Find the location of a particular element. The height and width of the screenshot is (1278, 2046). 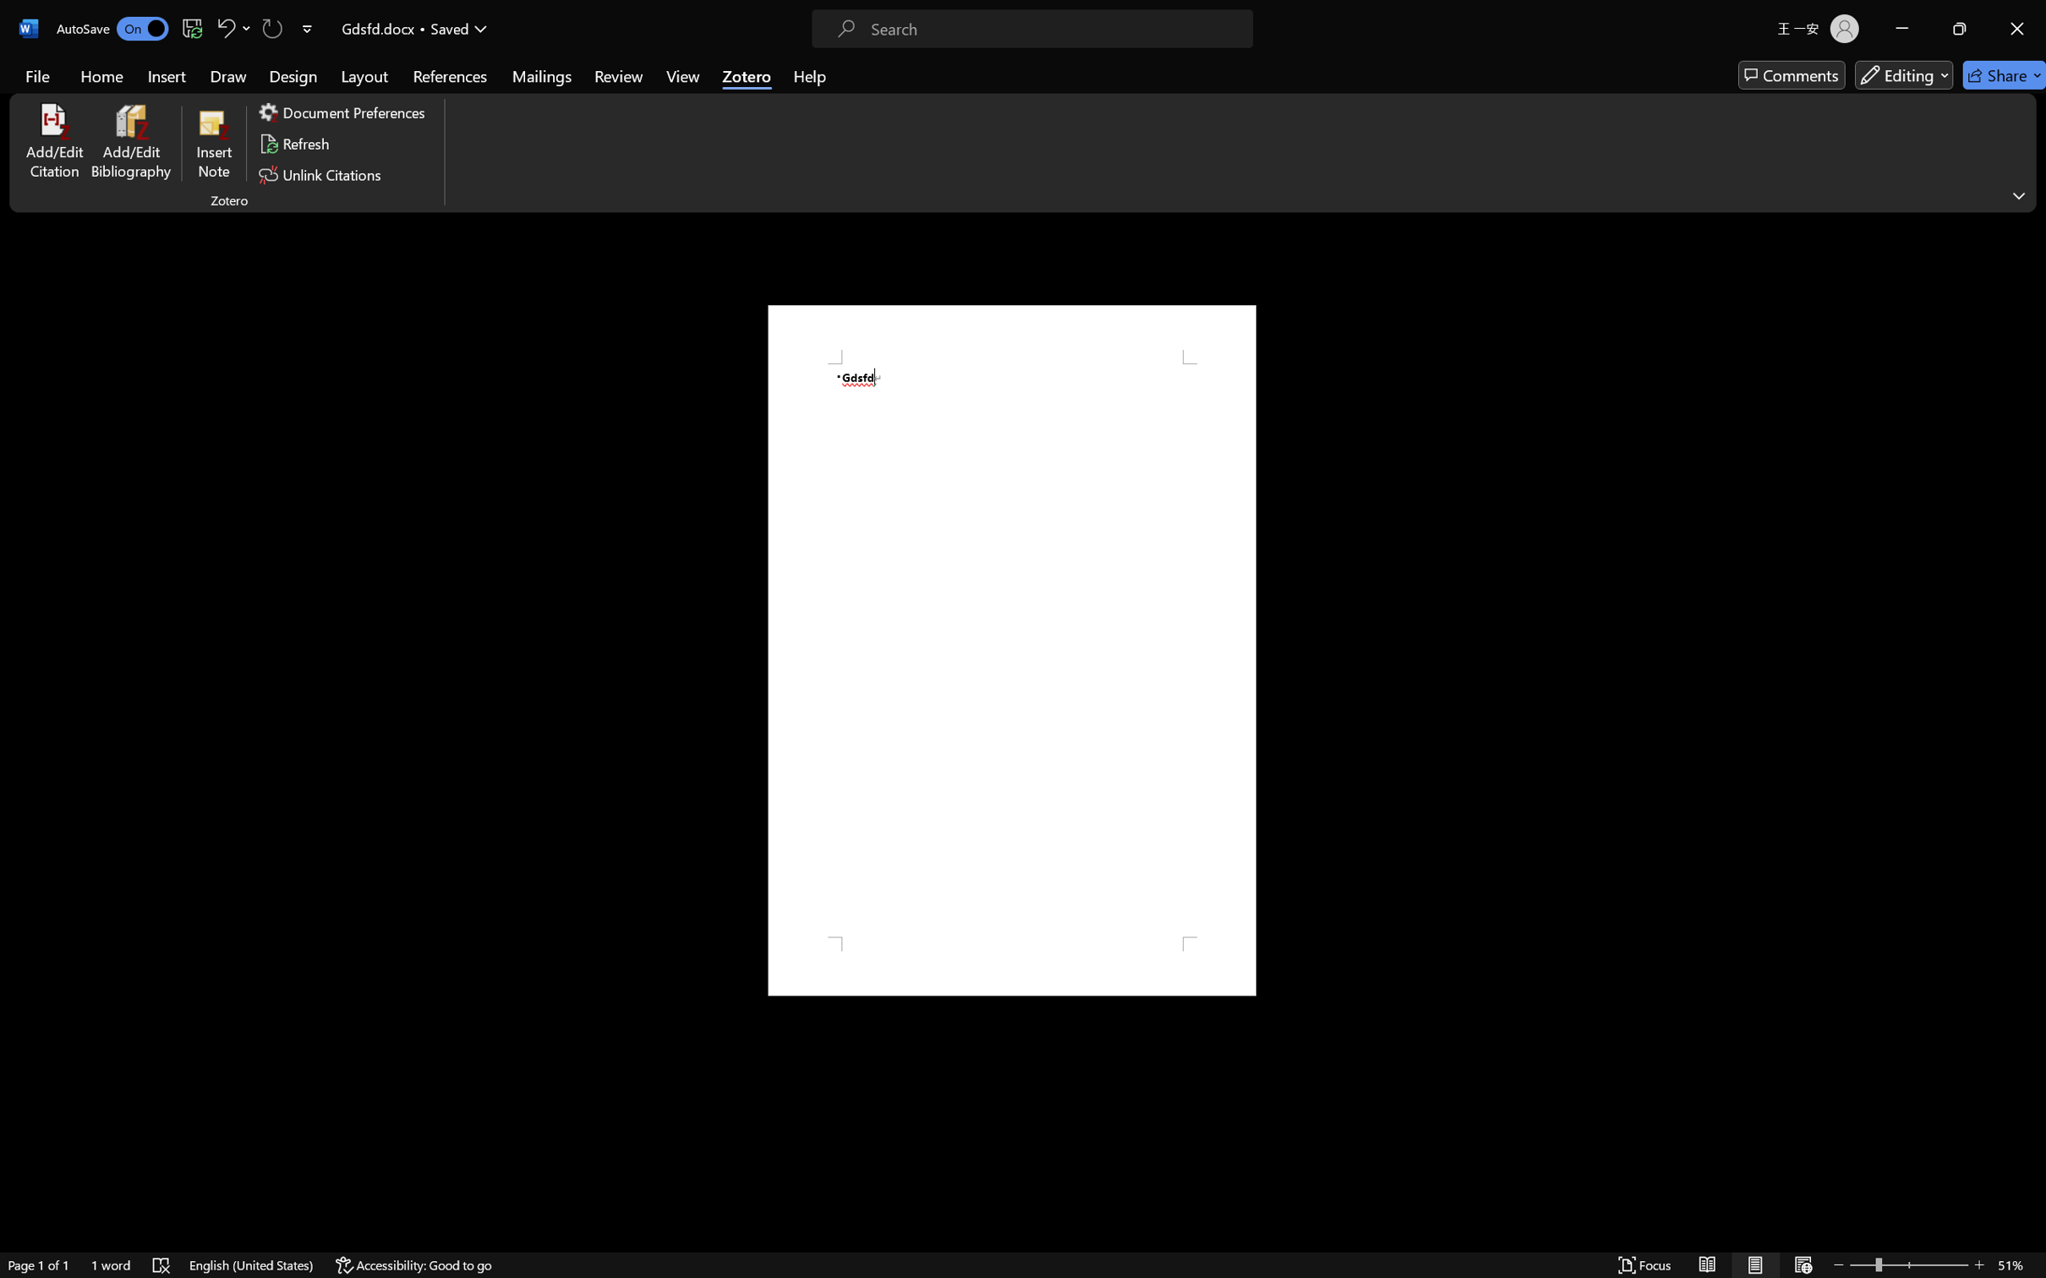

'Page 1 content' is located at coordinates (1011, 650).